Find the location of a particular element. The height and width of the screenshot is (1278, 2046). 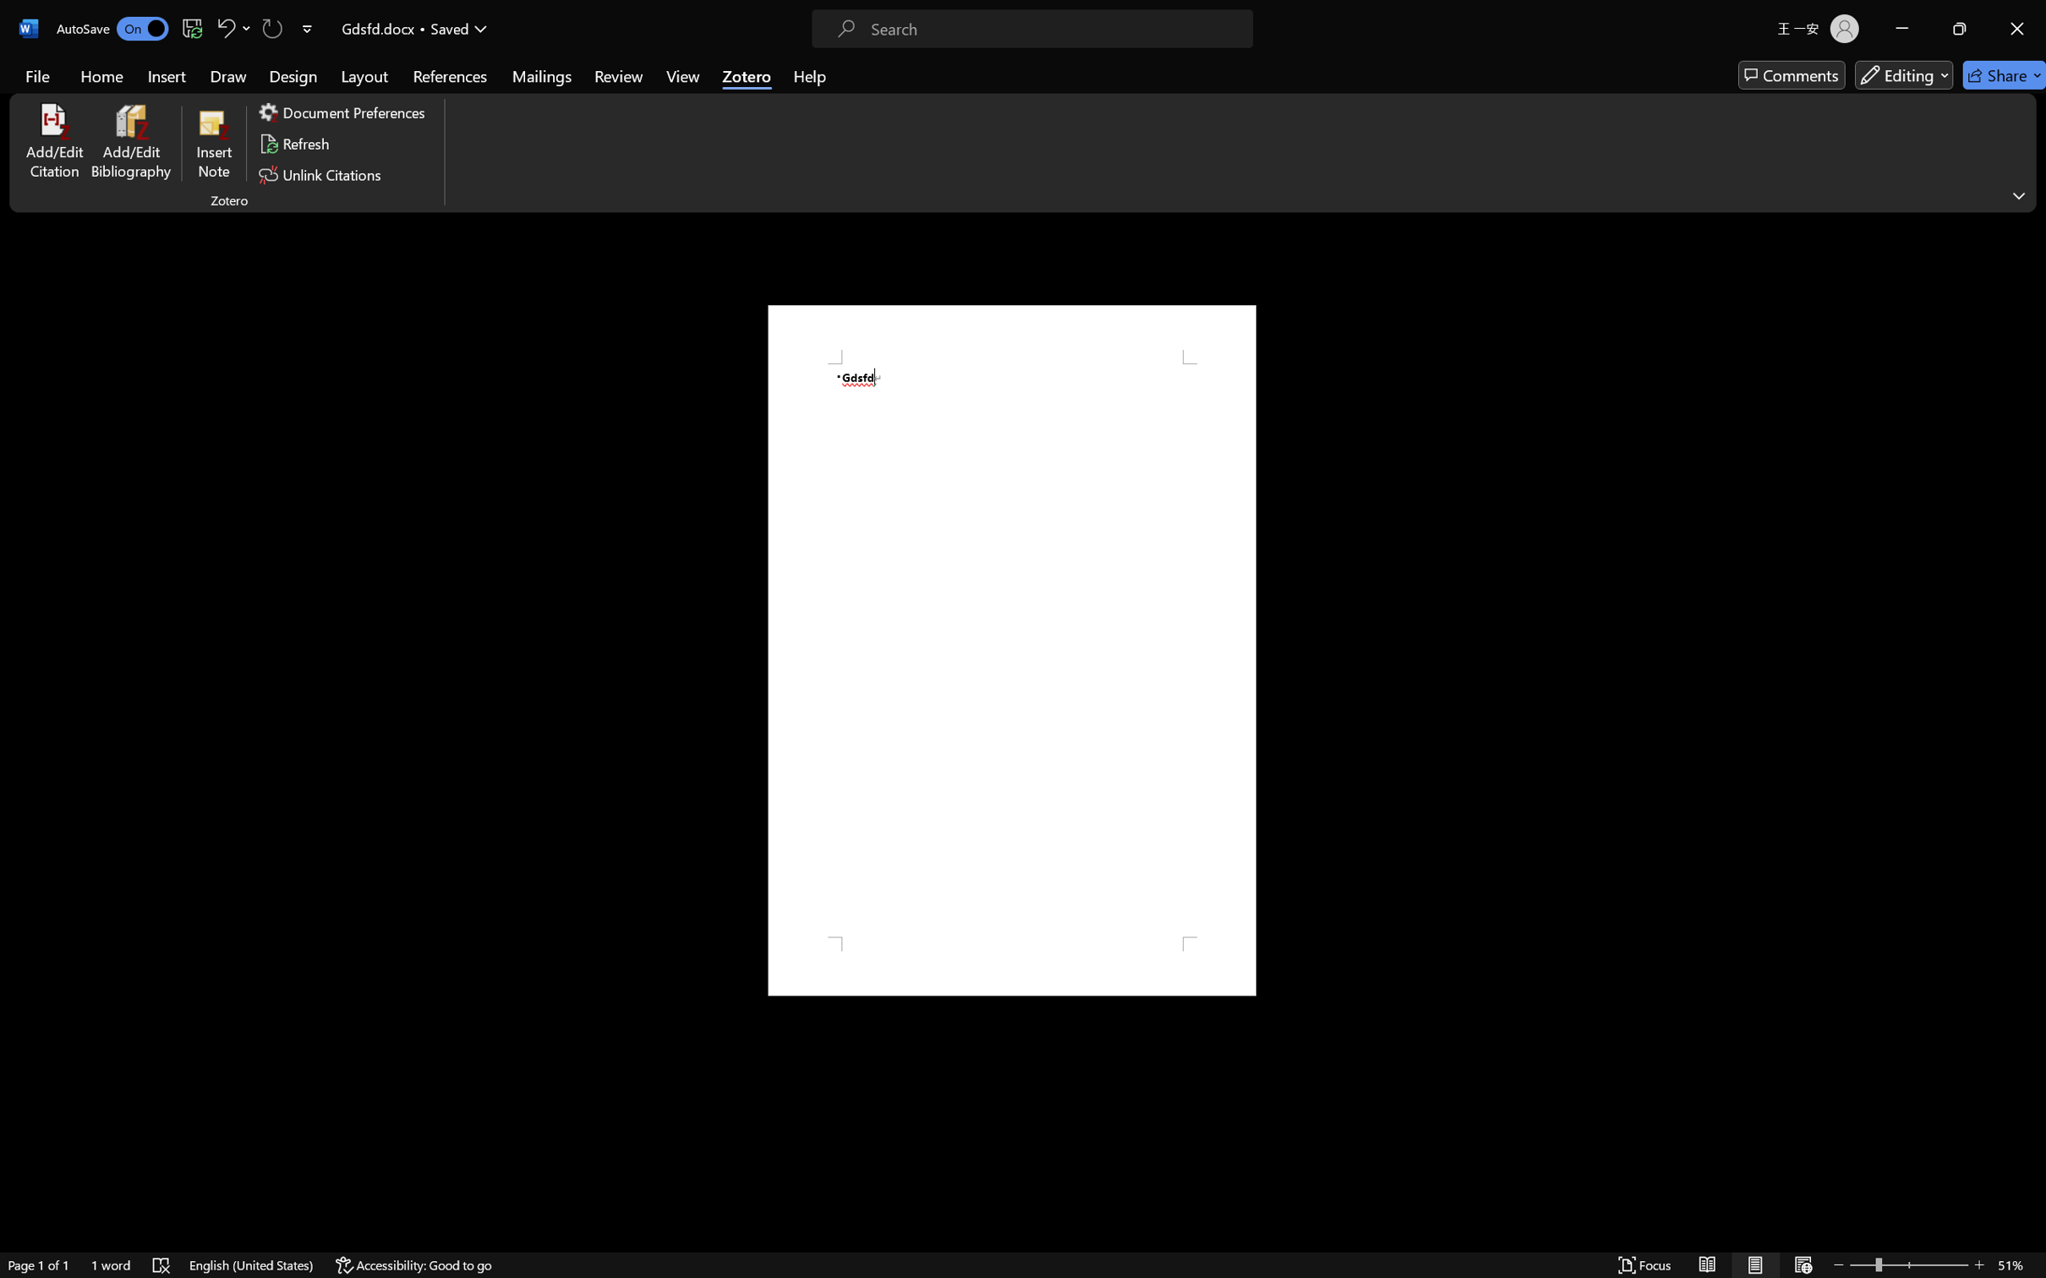

'Page 1 content' is located at coordinates (1011, 650).